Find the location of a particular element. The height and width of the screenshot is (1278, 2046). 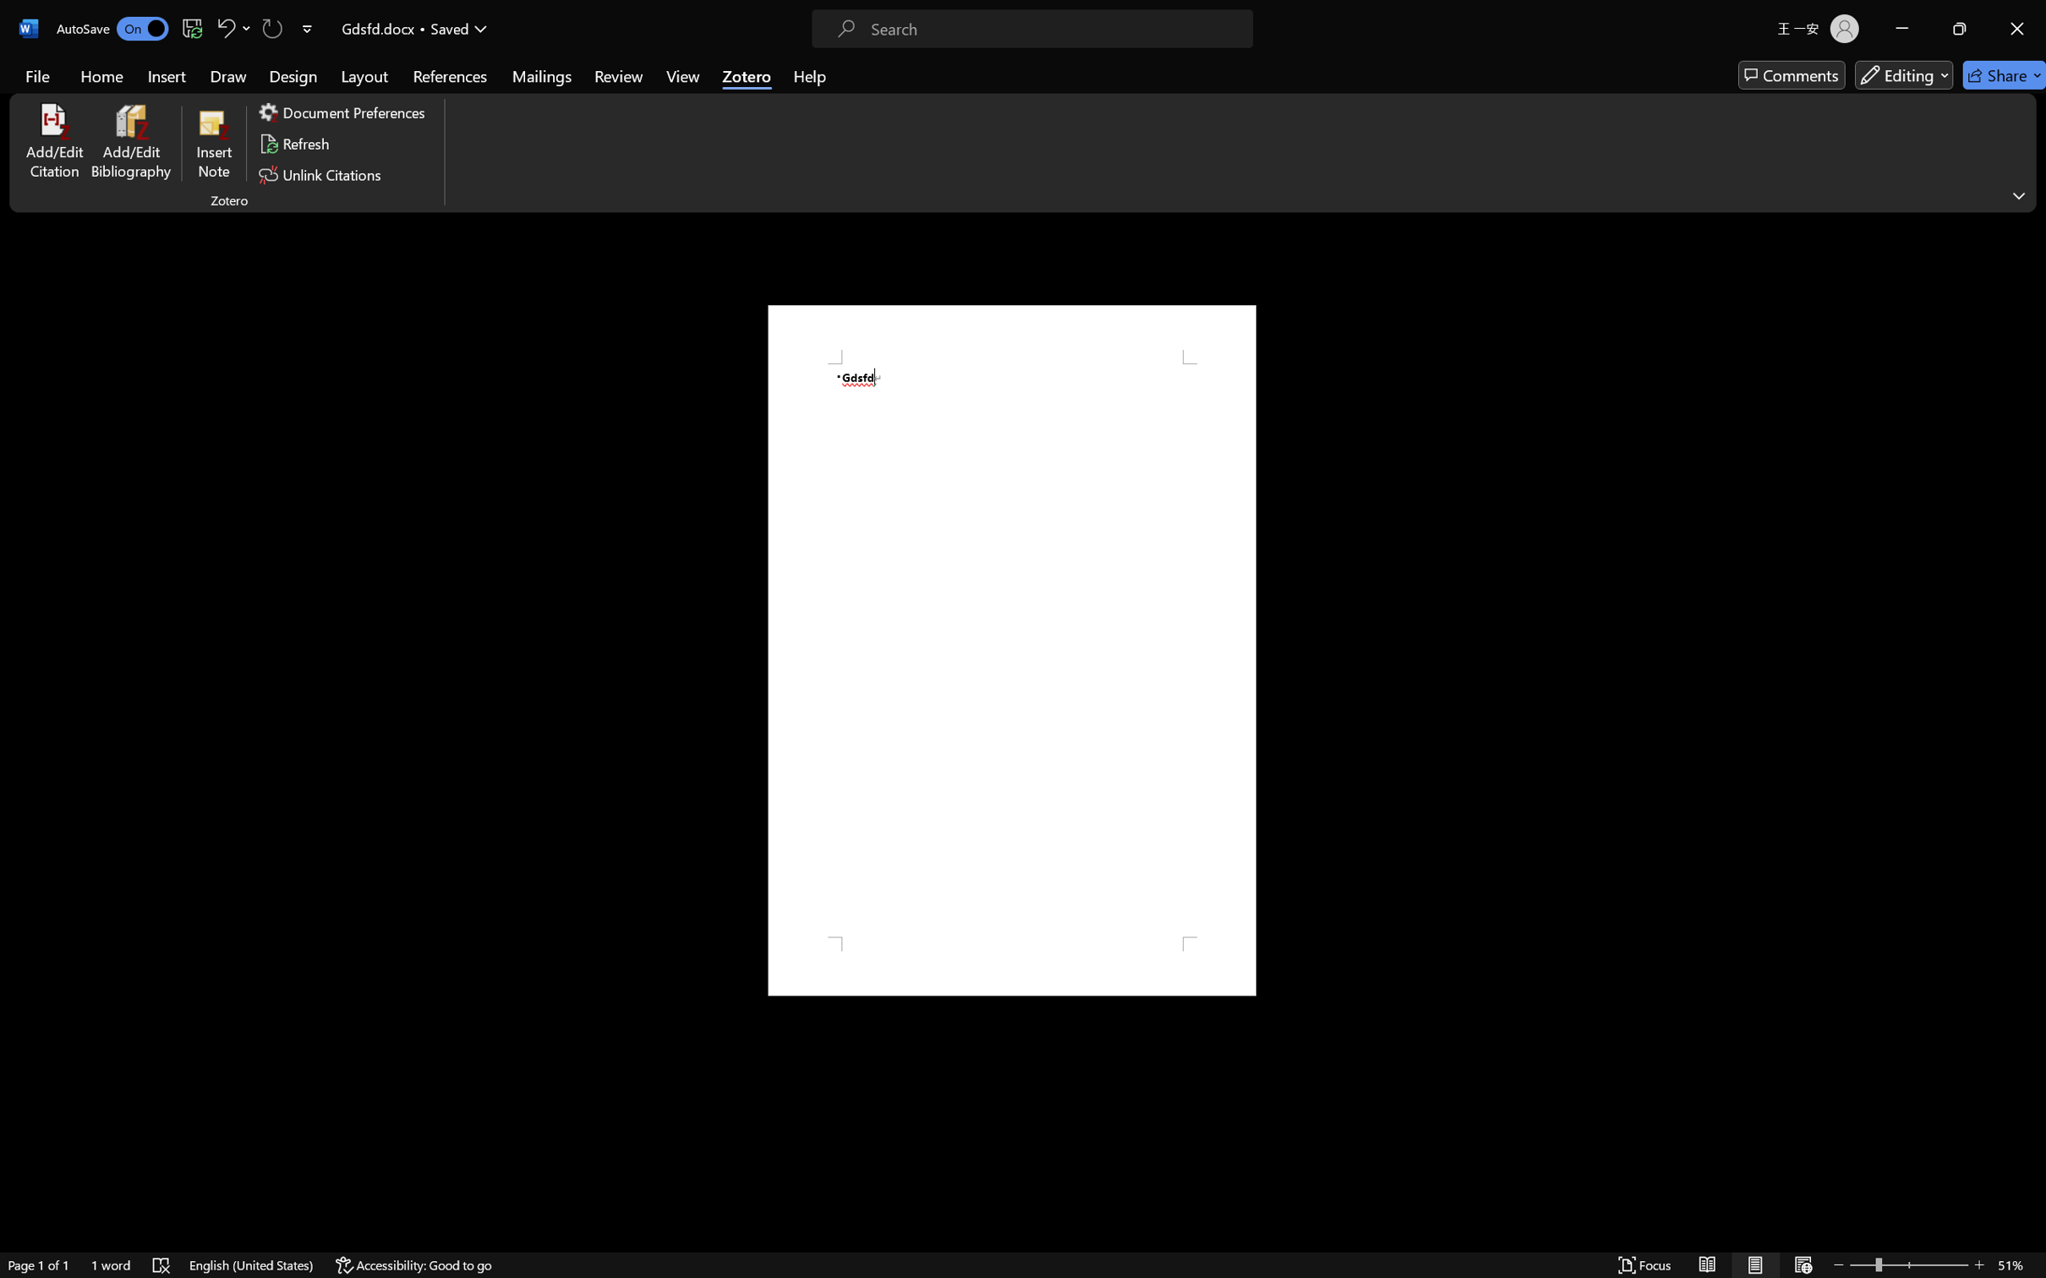

'Page 1 content' is located at coordinates (1011, 650).